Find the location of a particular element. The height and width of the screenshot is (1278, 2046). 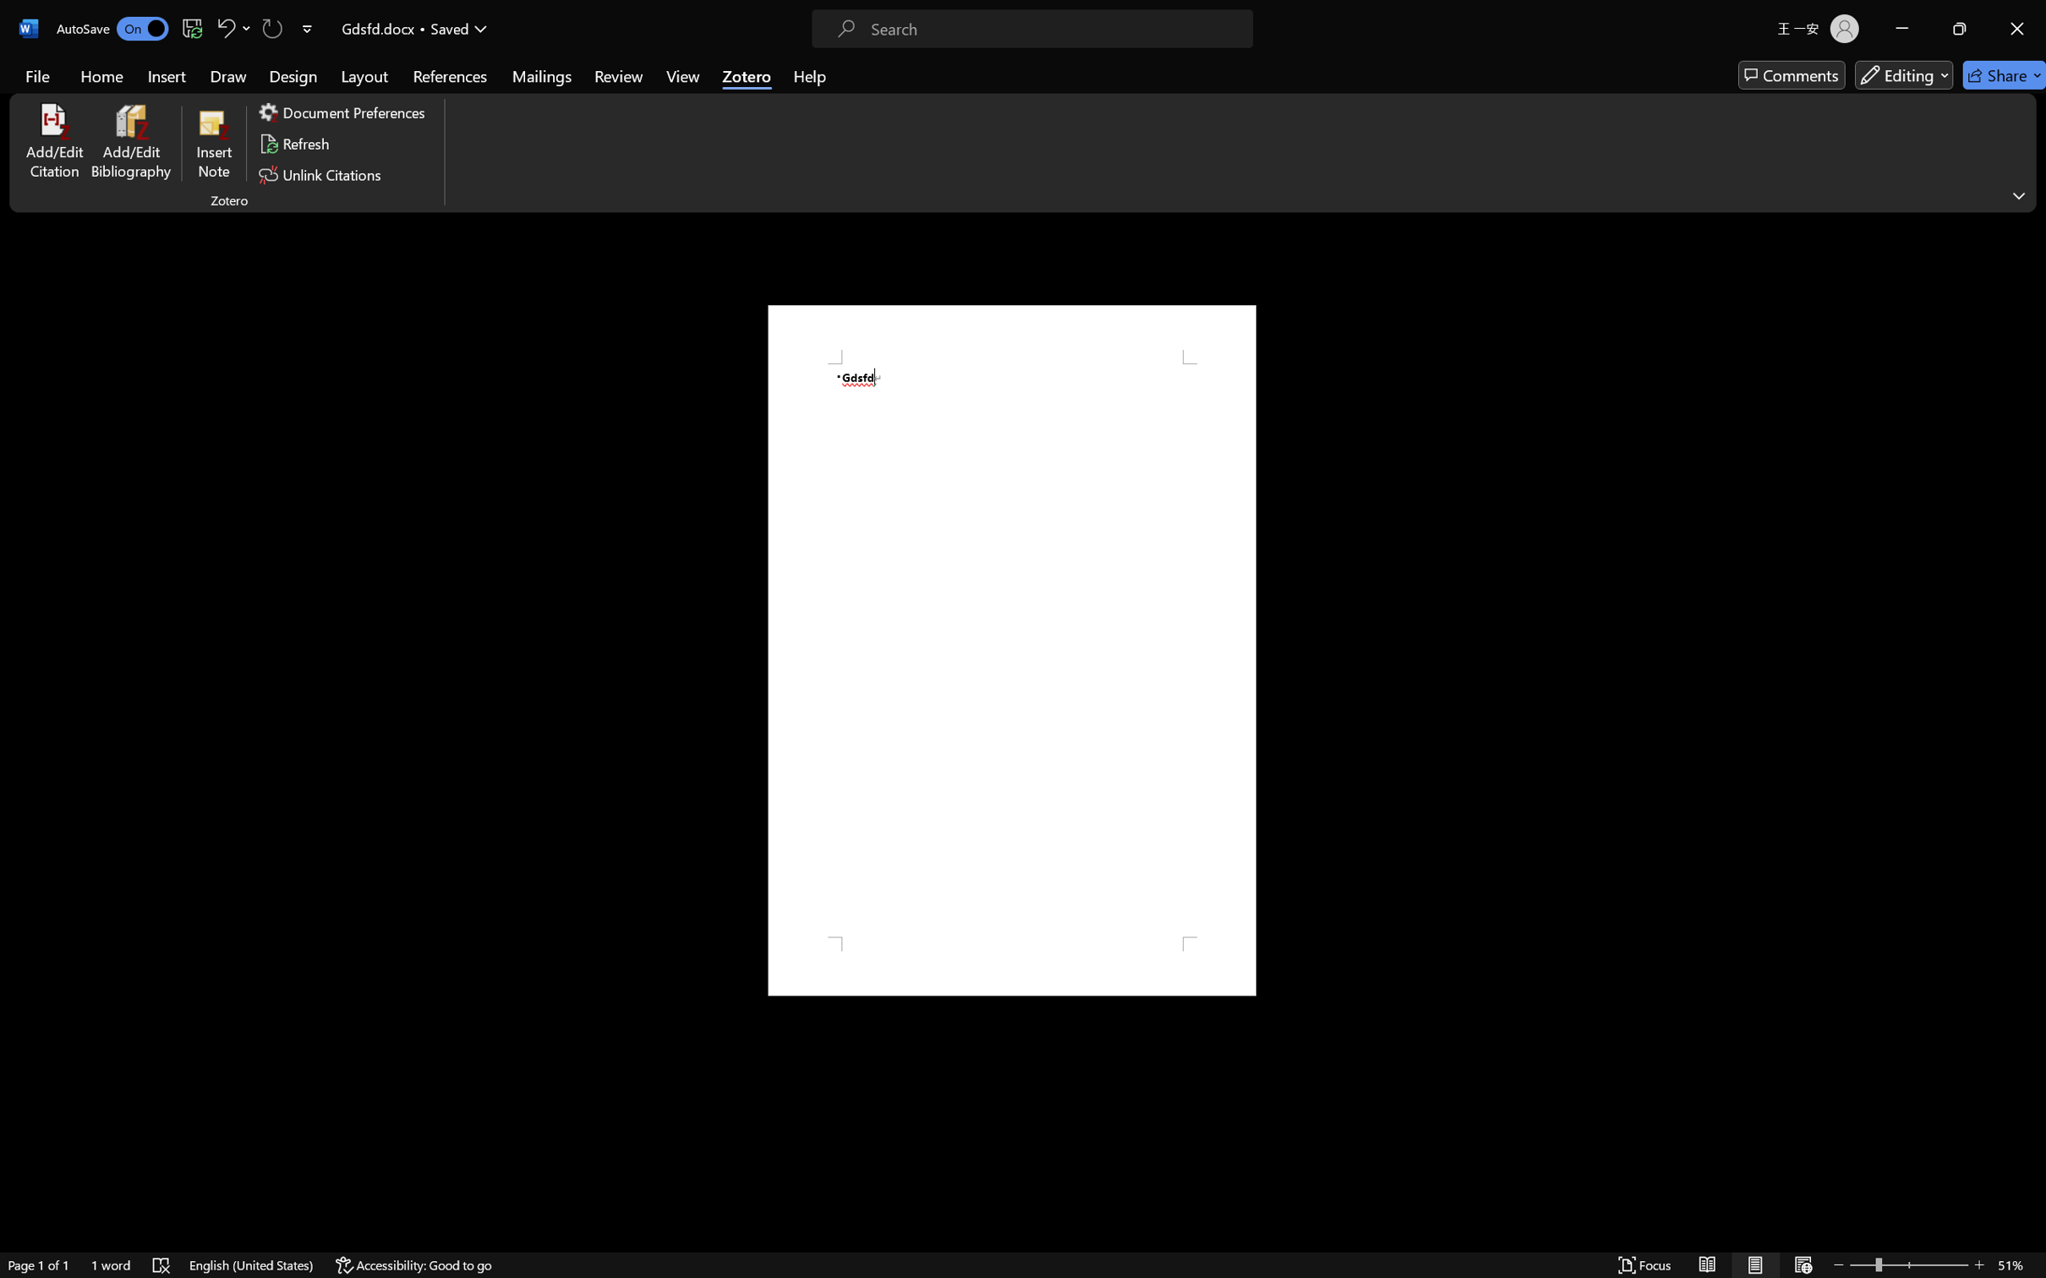

'Page 1 content' is located at coordinates (1011, 650).